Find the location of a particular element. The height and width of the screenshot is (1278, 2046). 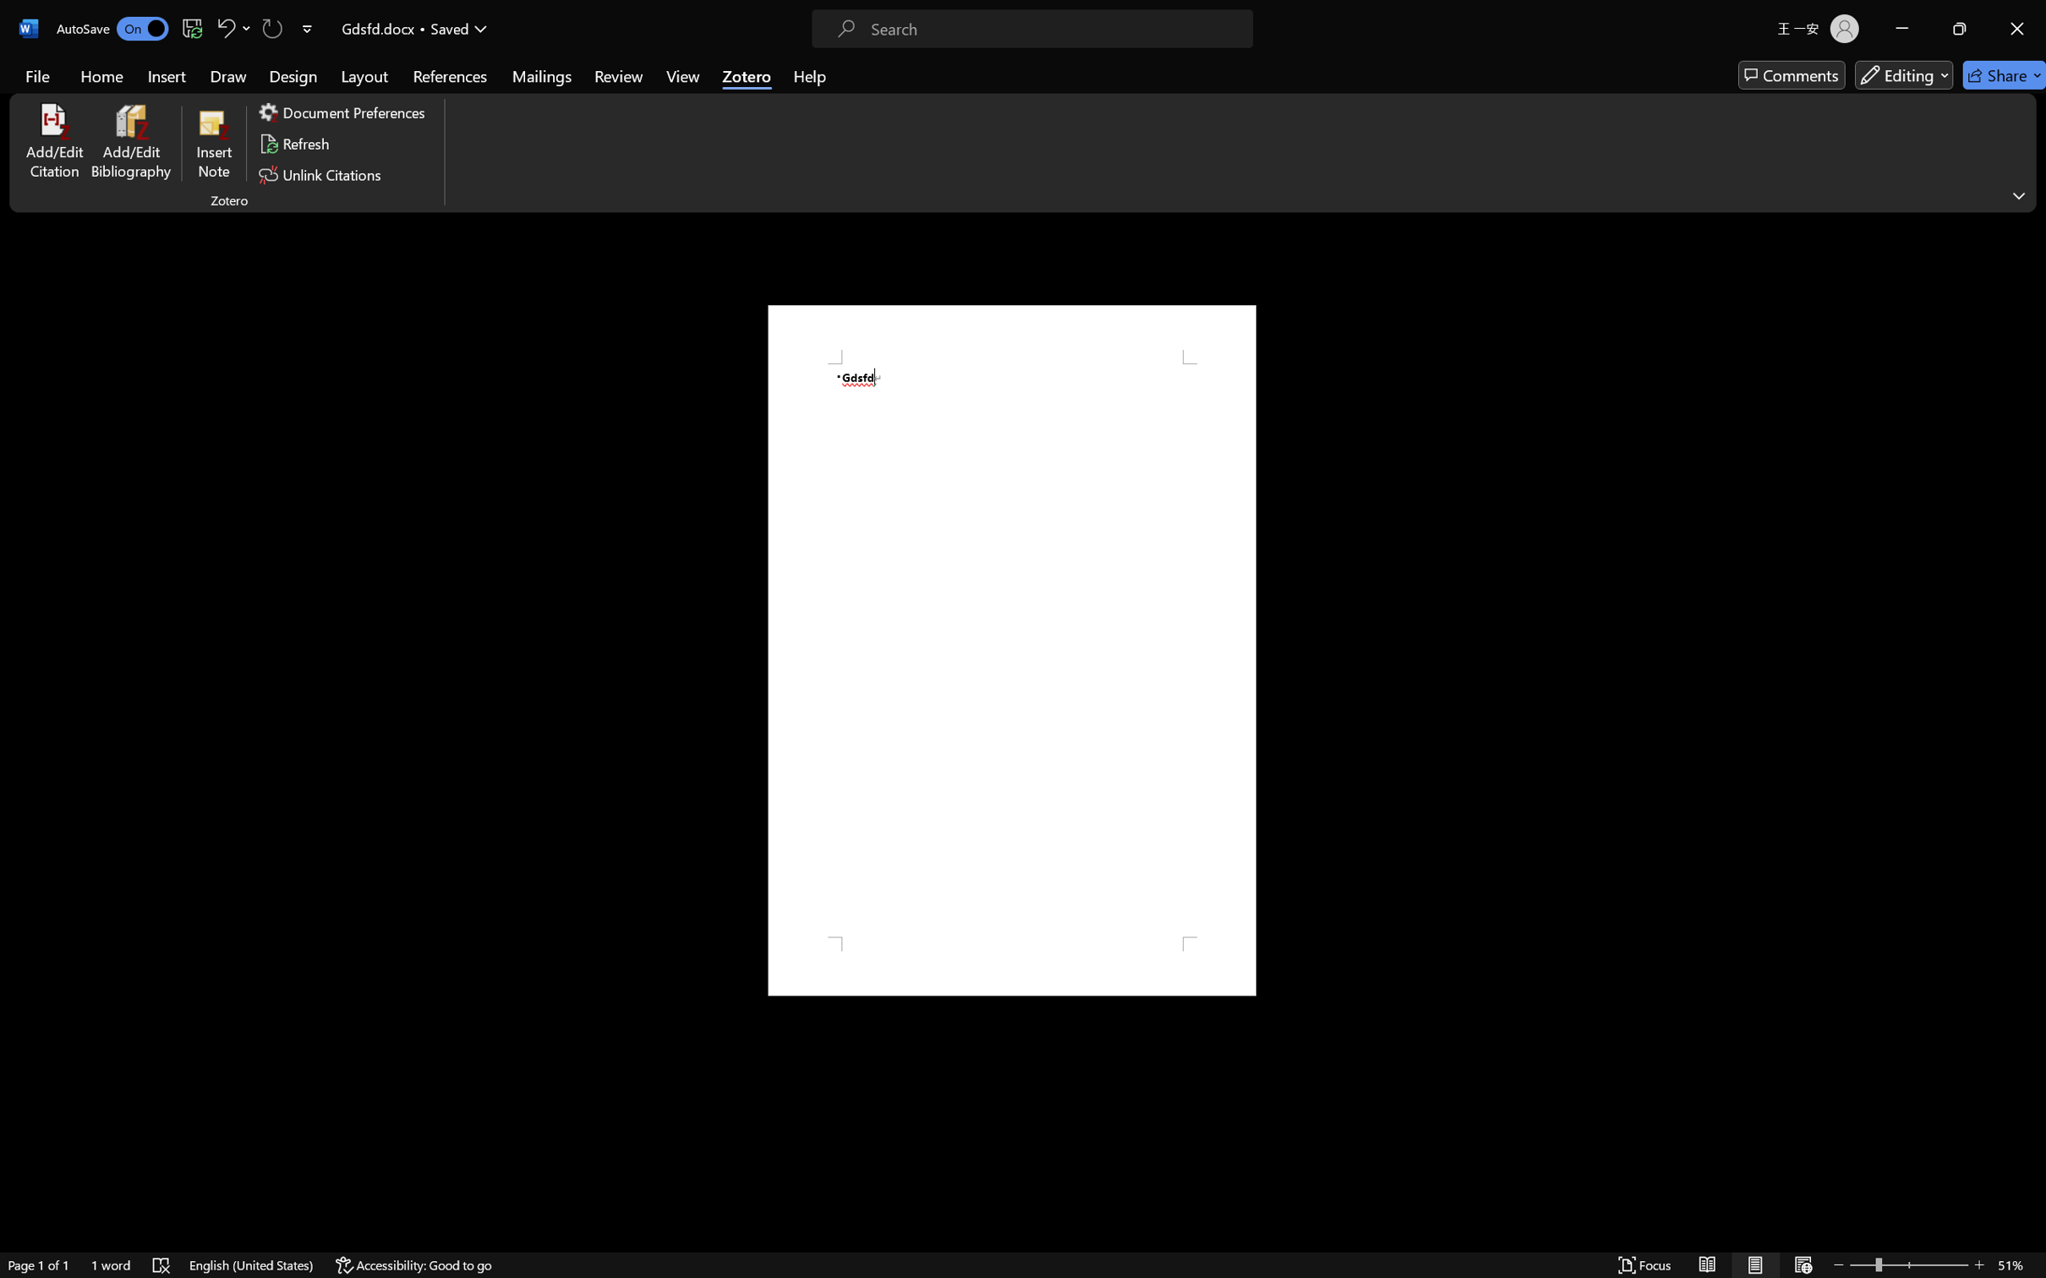

'Page 1 content' is located at coordinates (1011, 650).